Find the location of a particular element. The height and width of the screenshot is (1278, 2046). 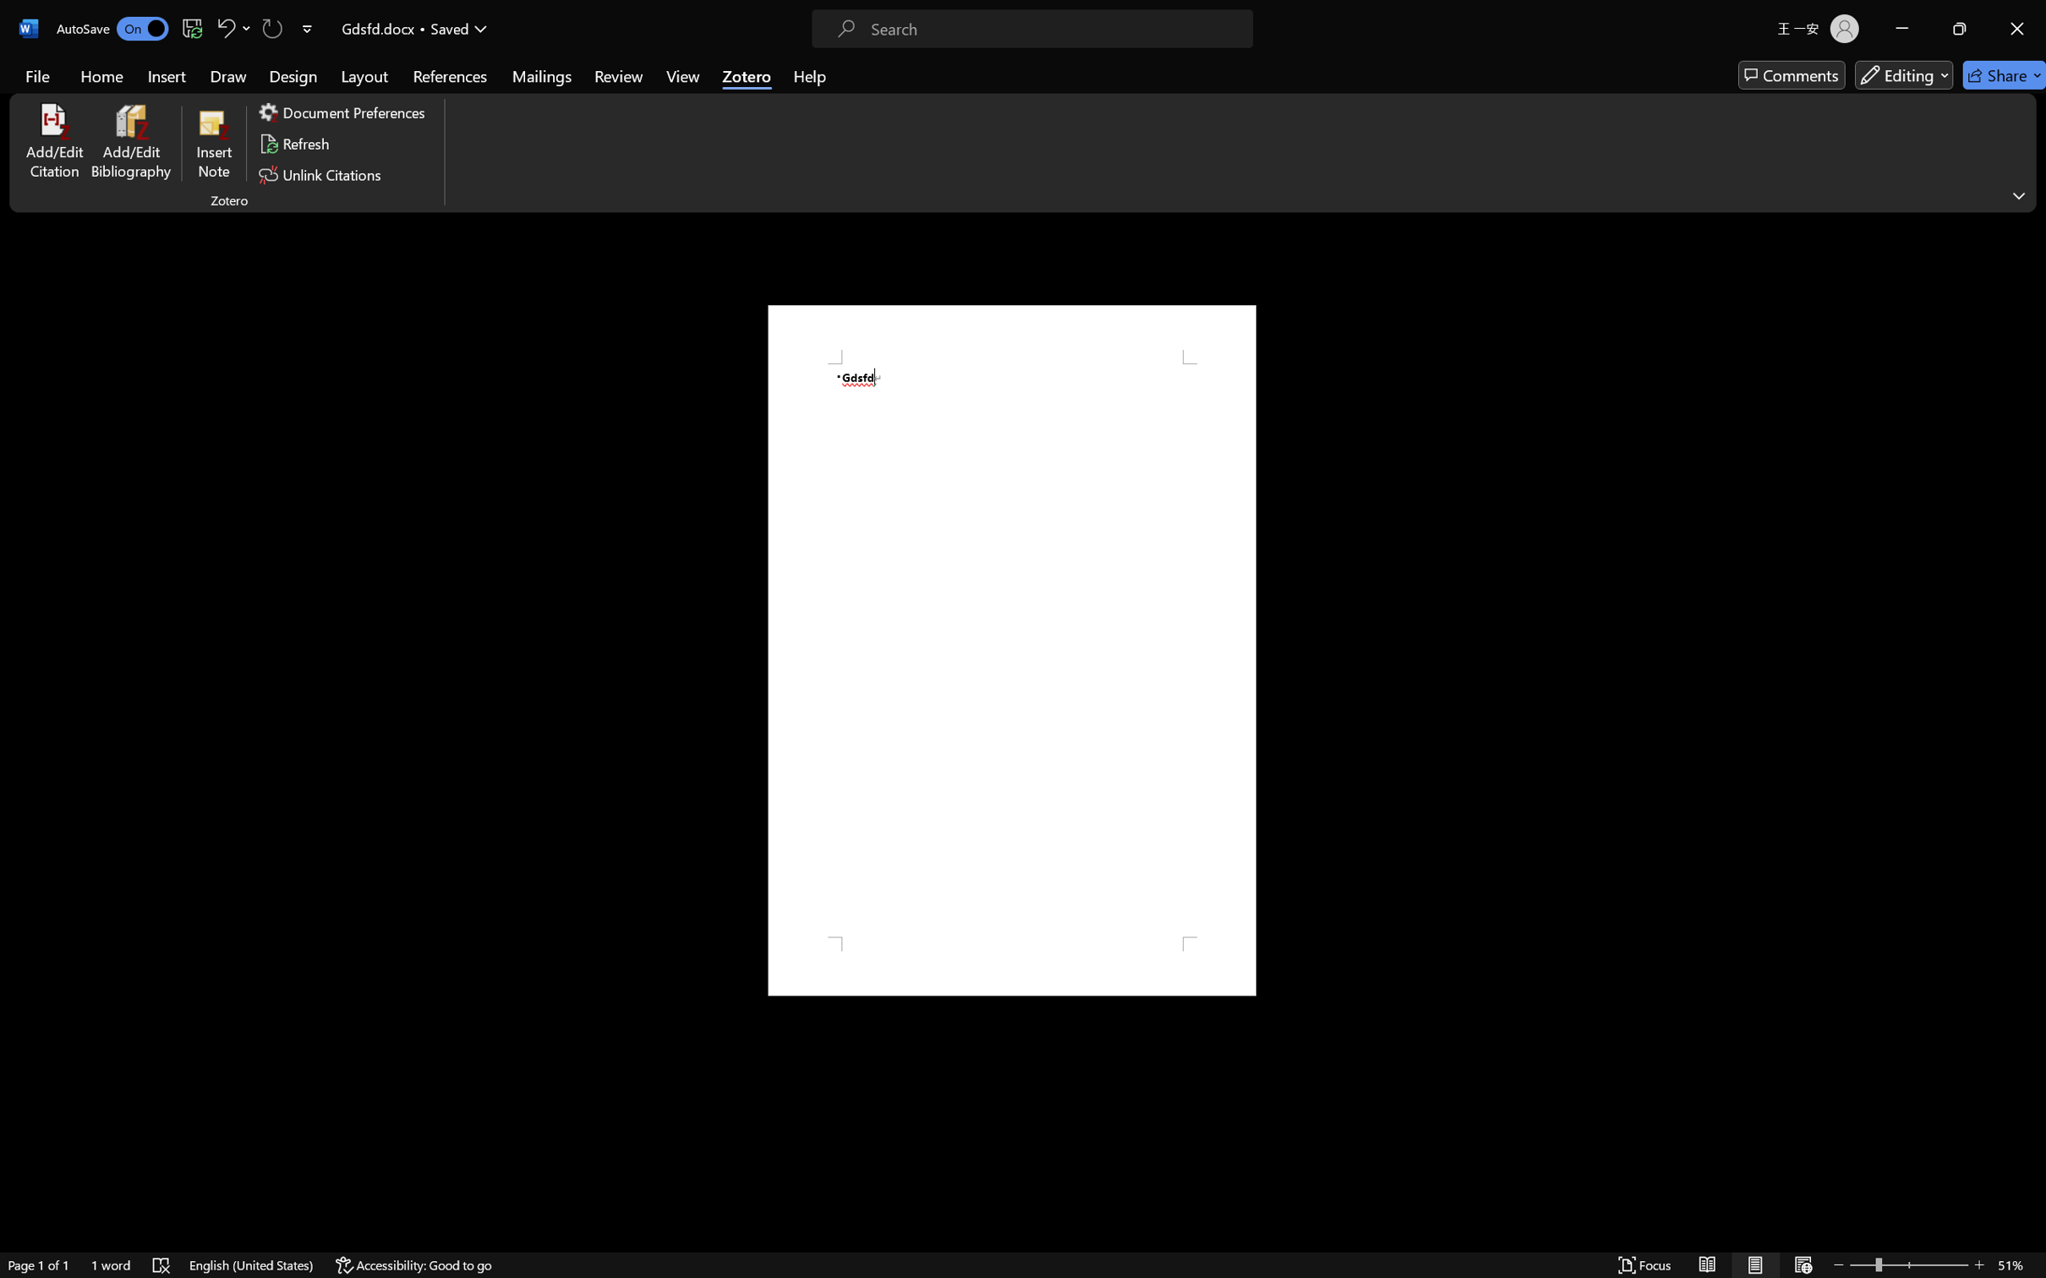

'Page 1 content' is located at coordinates (1011, 650).